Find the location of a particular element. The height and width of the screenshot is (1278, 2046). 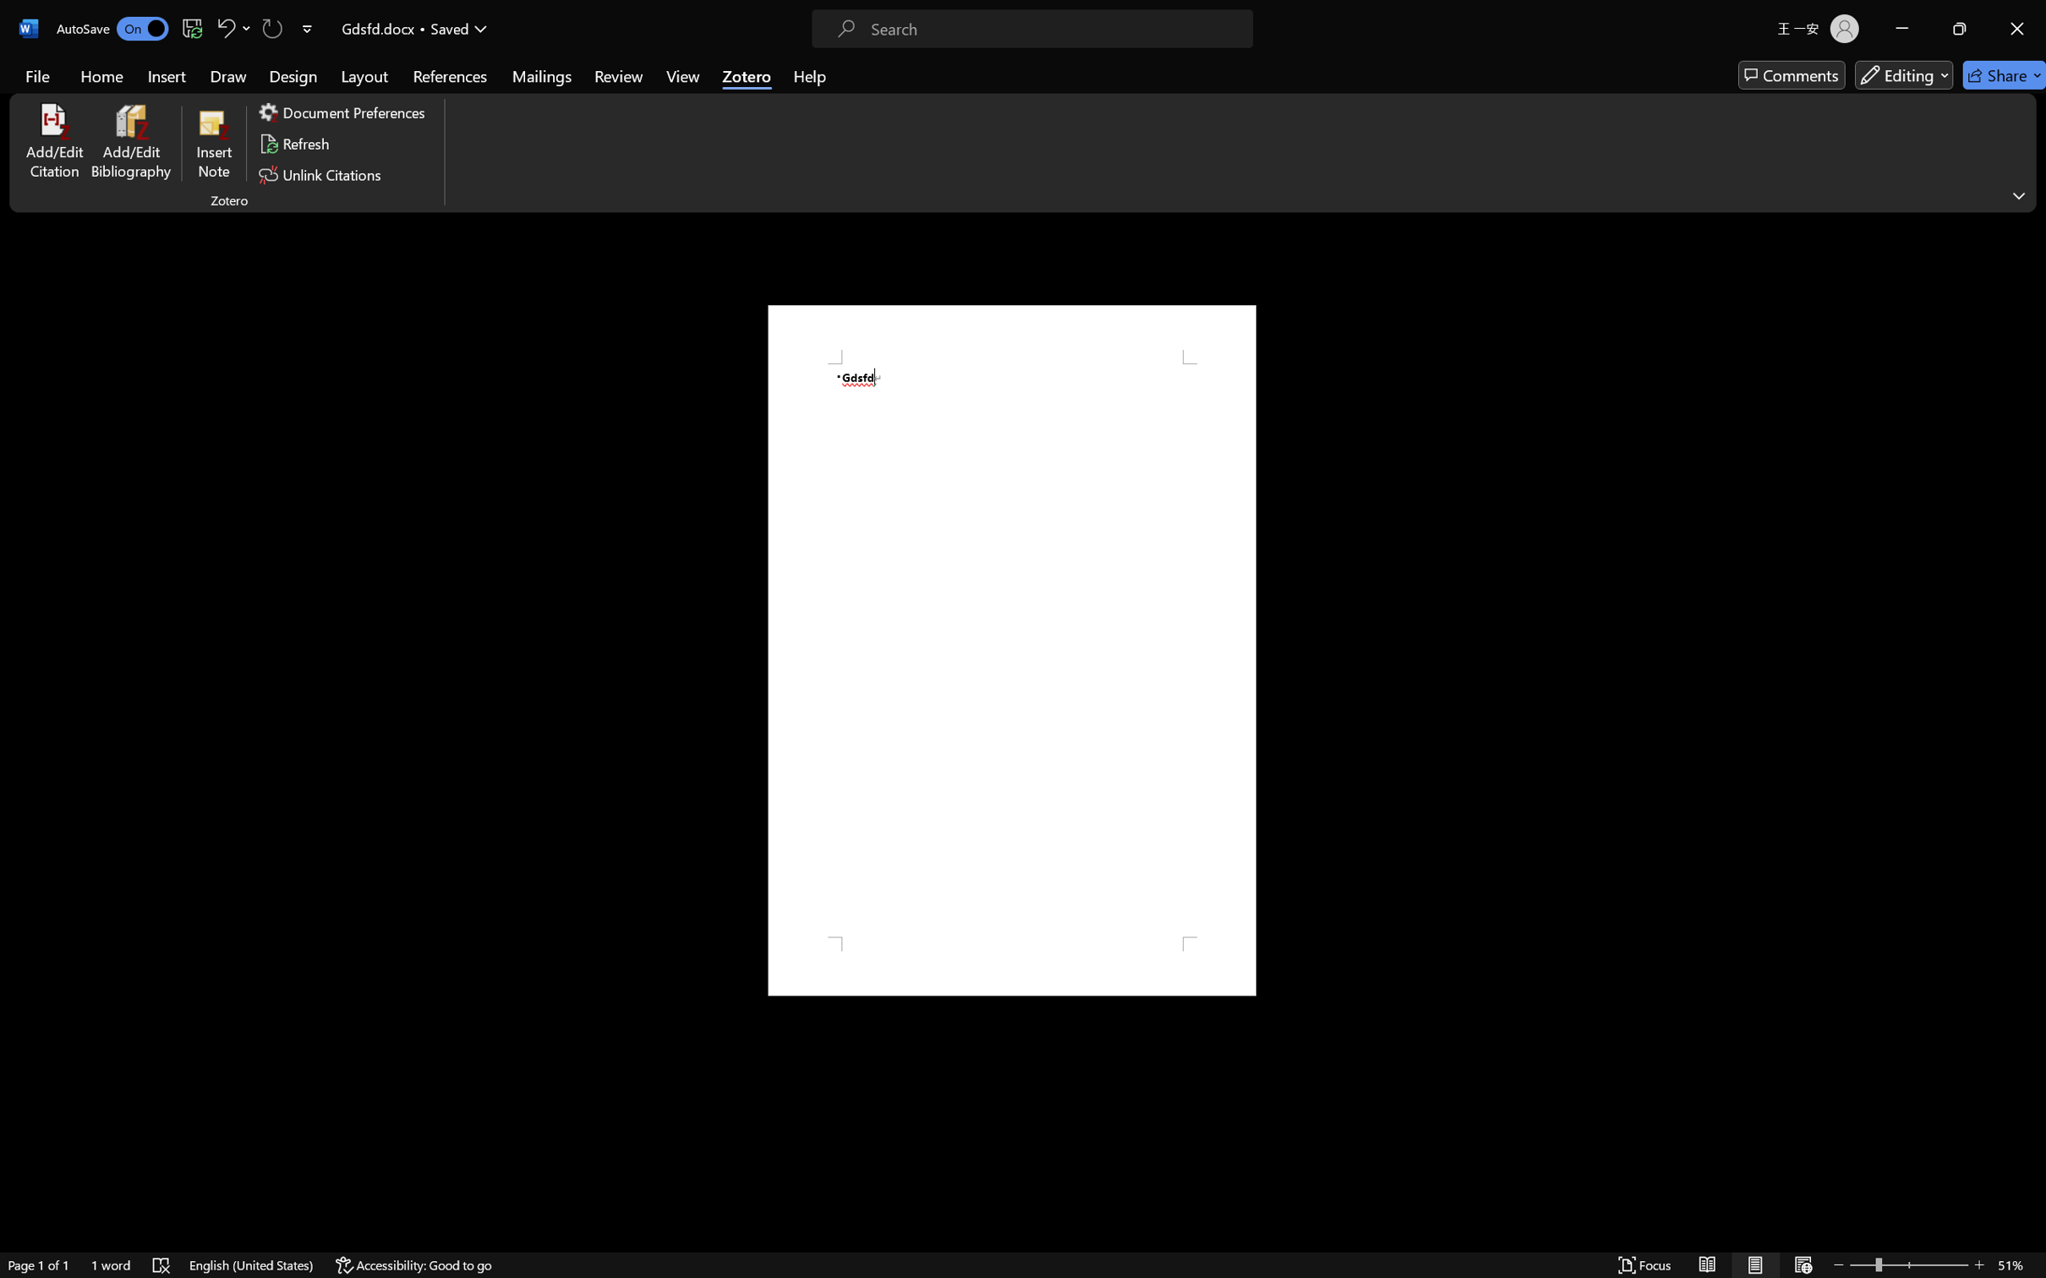

'Page 1 content' is located at coordinates (1011, 650).